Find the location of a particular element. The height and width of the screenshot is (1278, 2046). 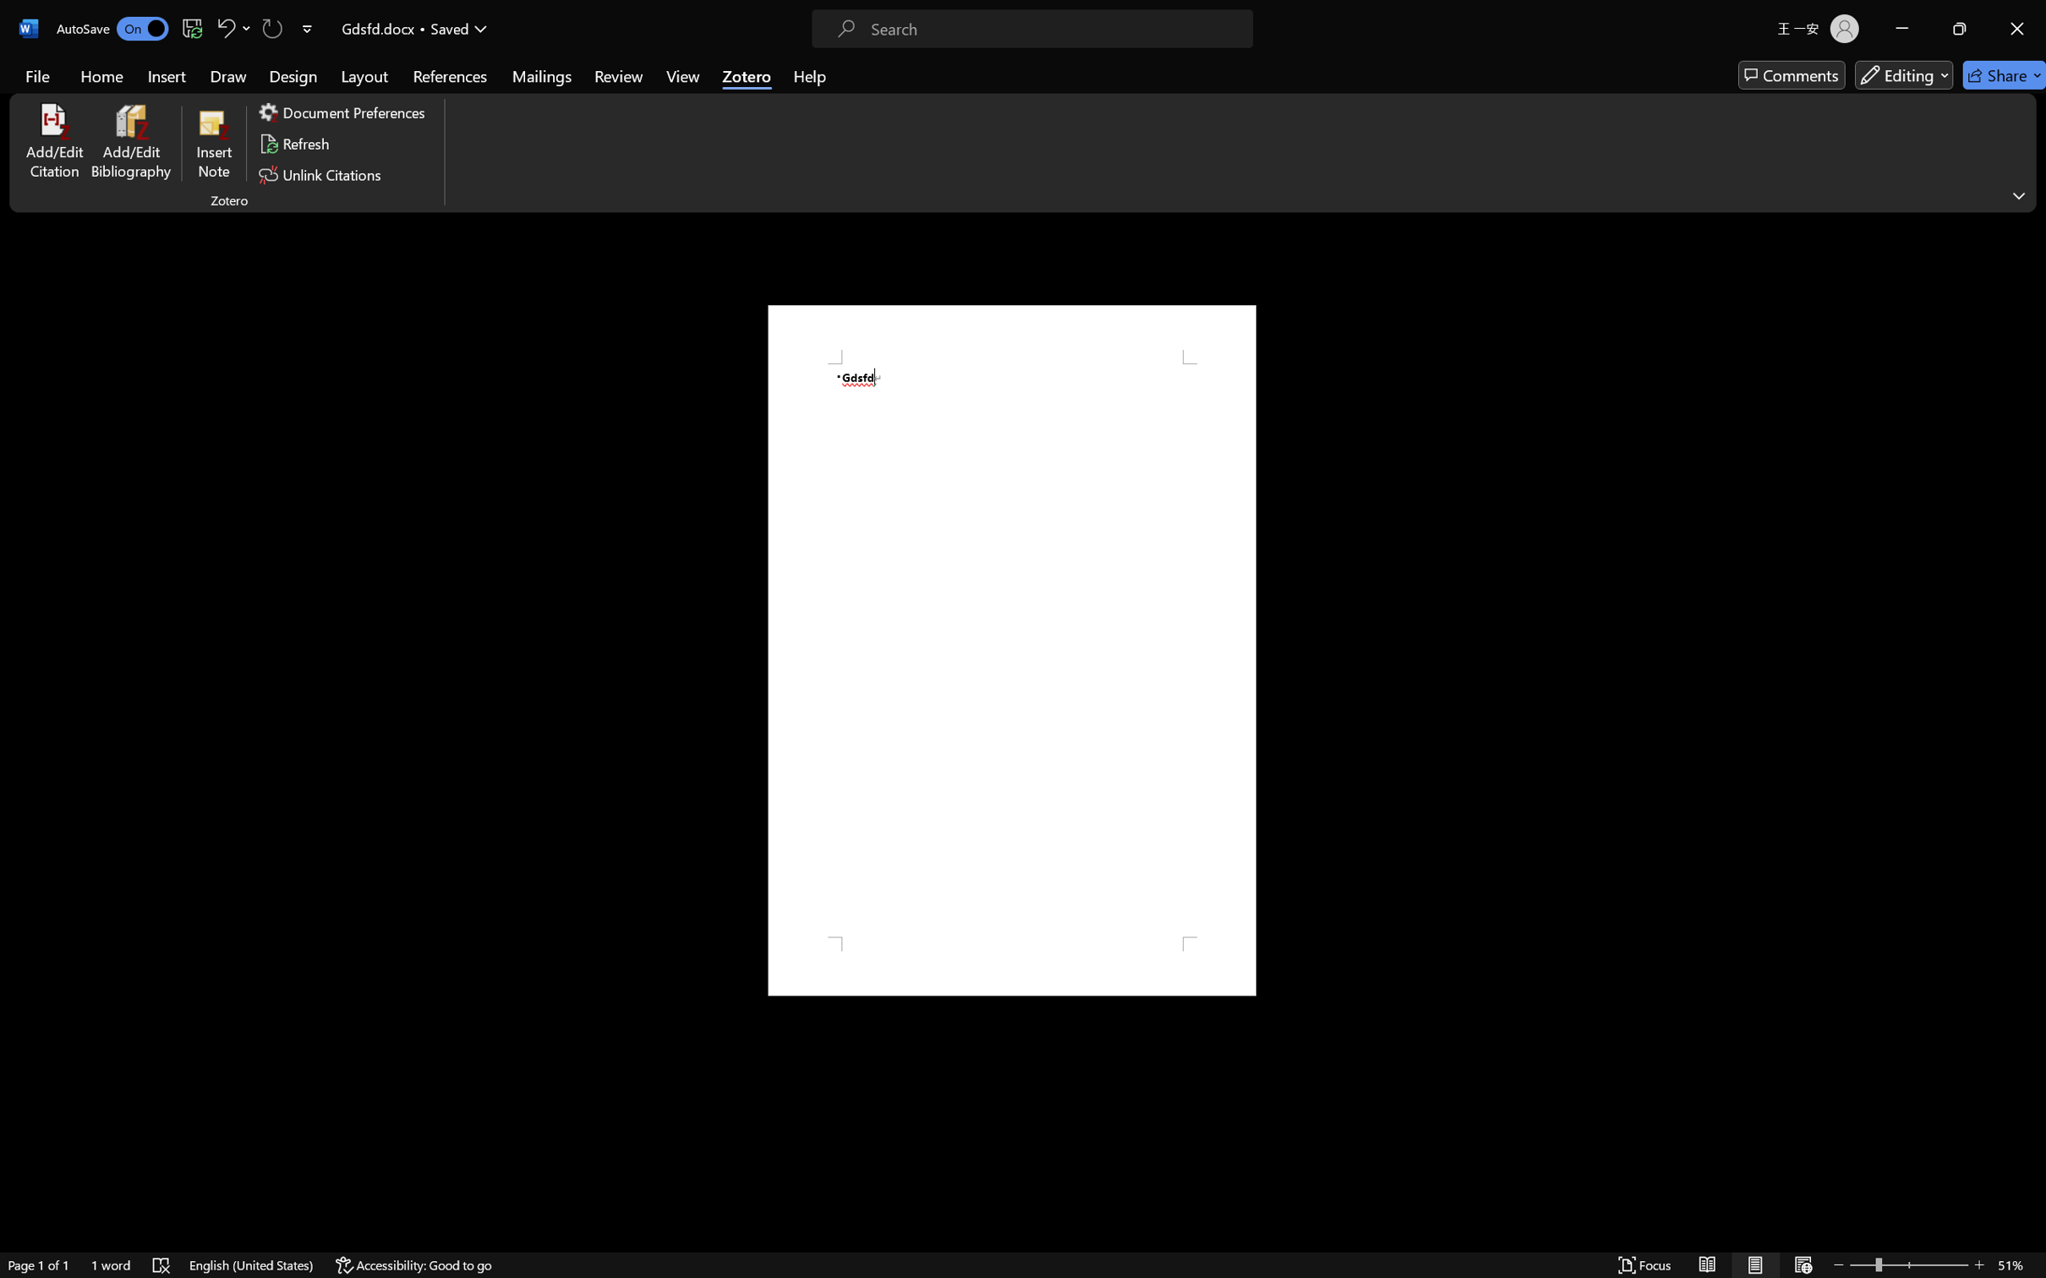

'Page 1 content' is located at coordinates (1011, 650).